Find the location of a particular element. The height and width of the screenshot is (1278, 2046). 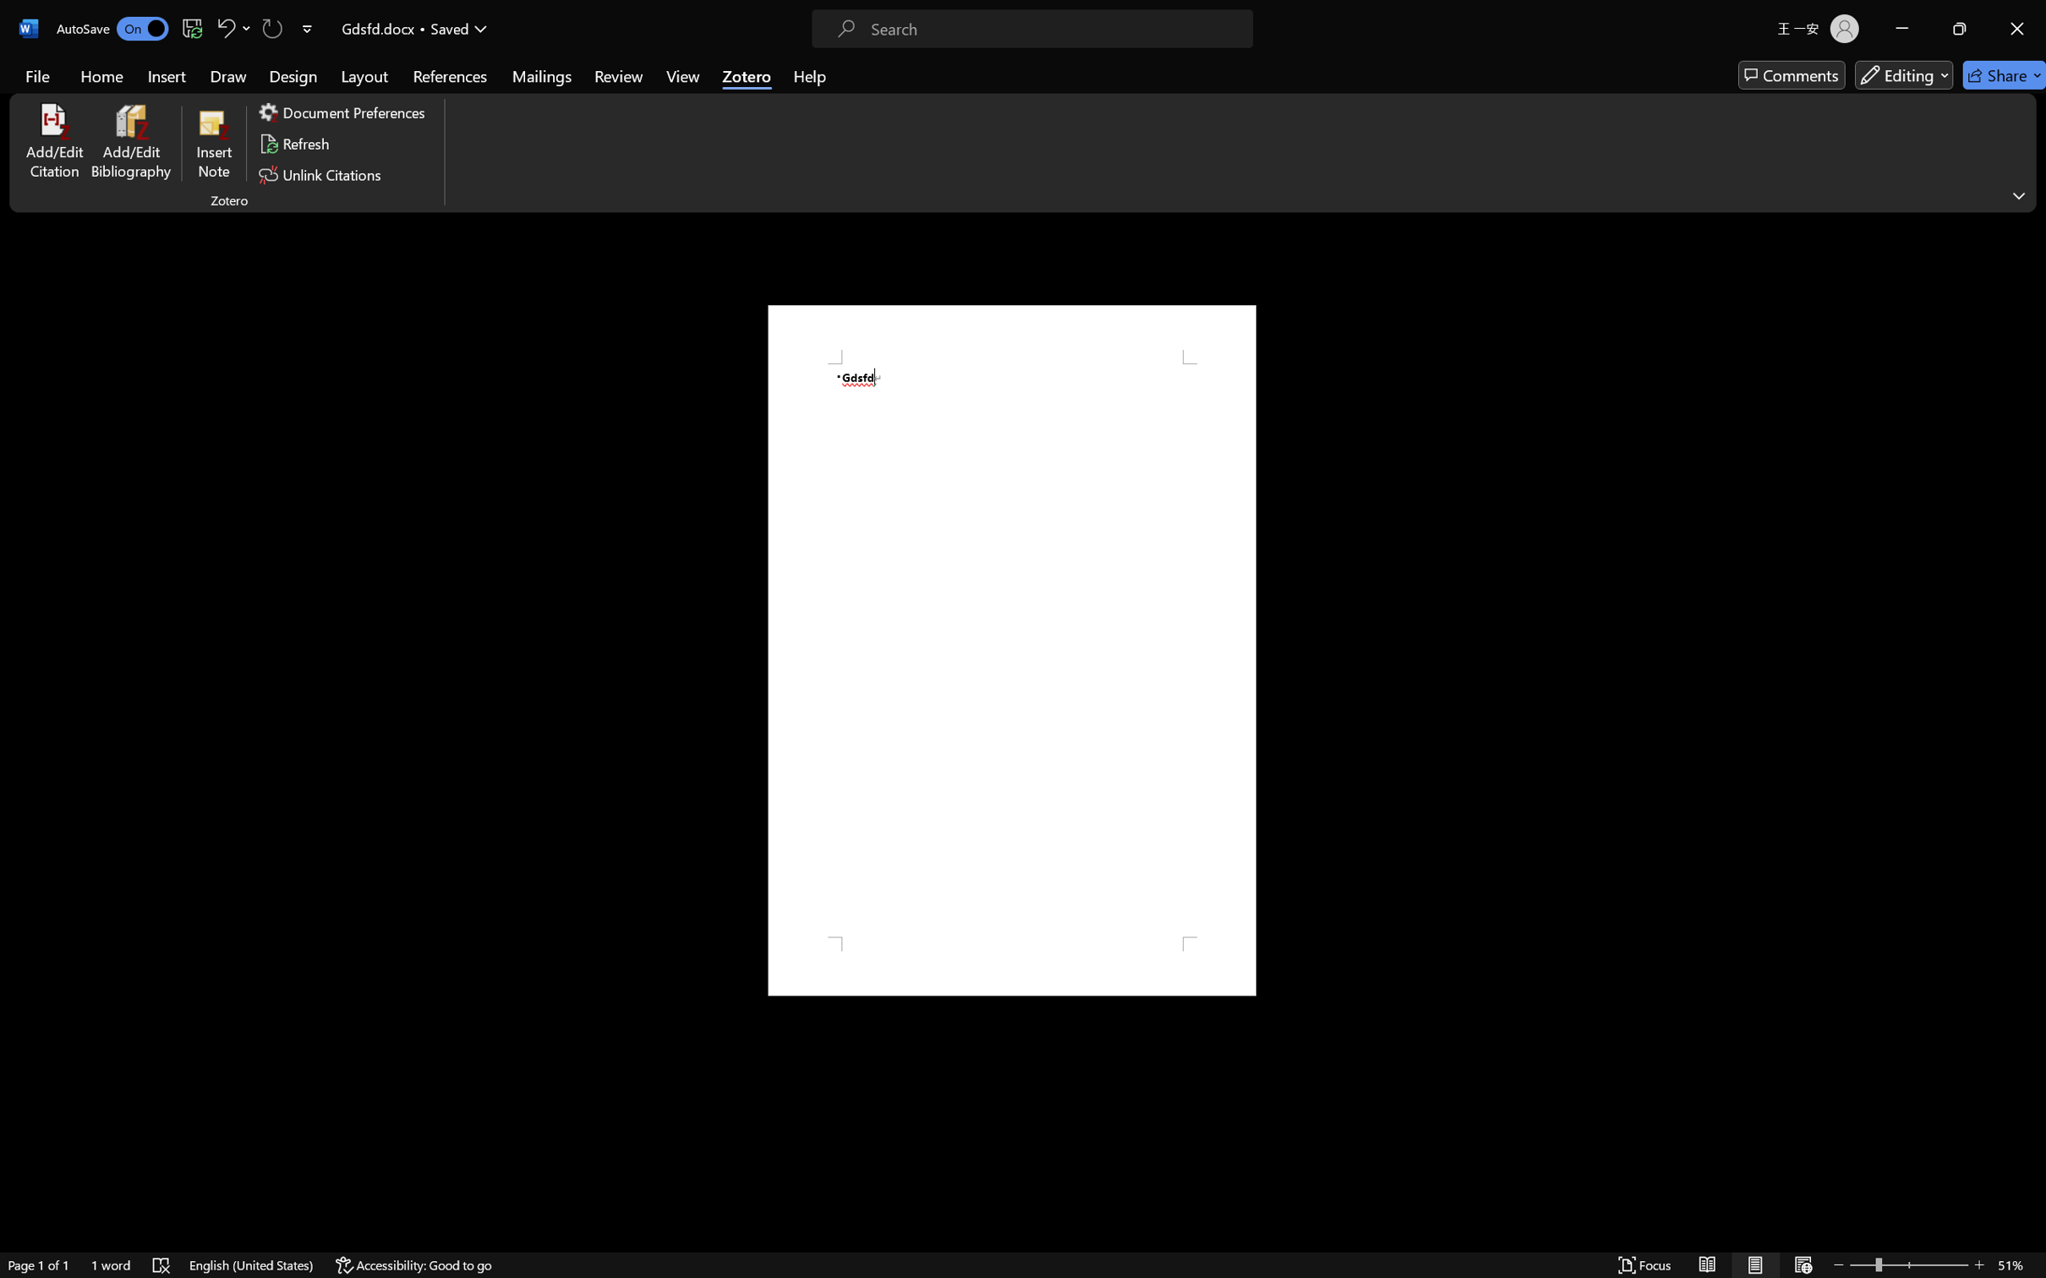

'Page 1 content' is located at coordinates (1011, 650).